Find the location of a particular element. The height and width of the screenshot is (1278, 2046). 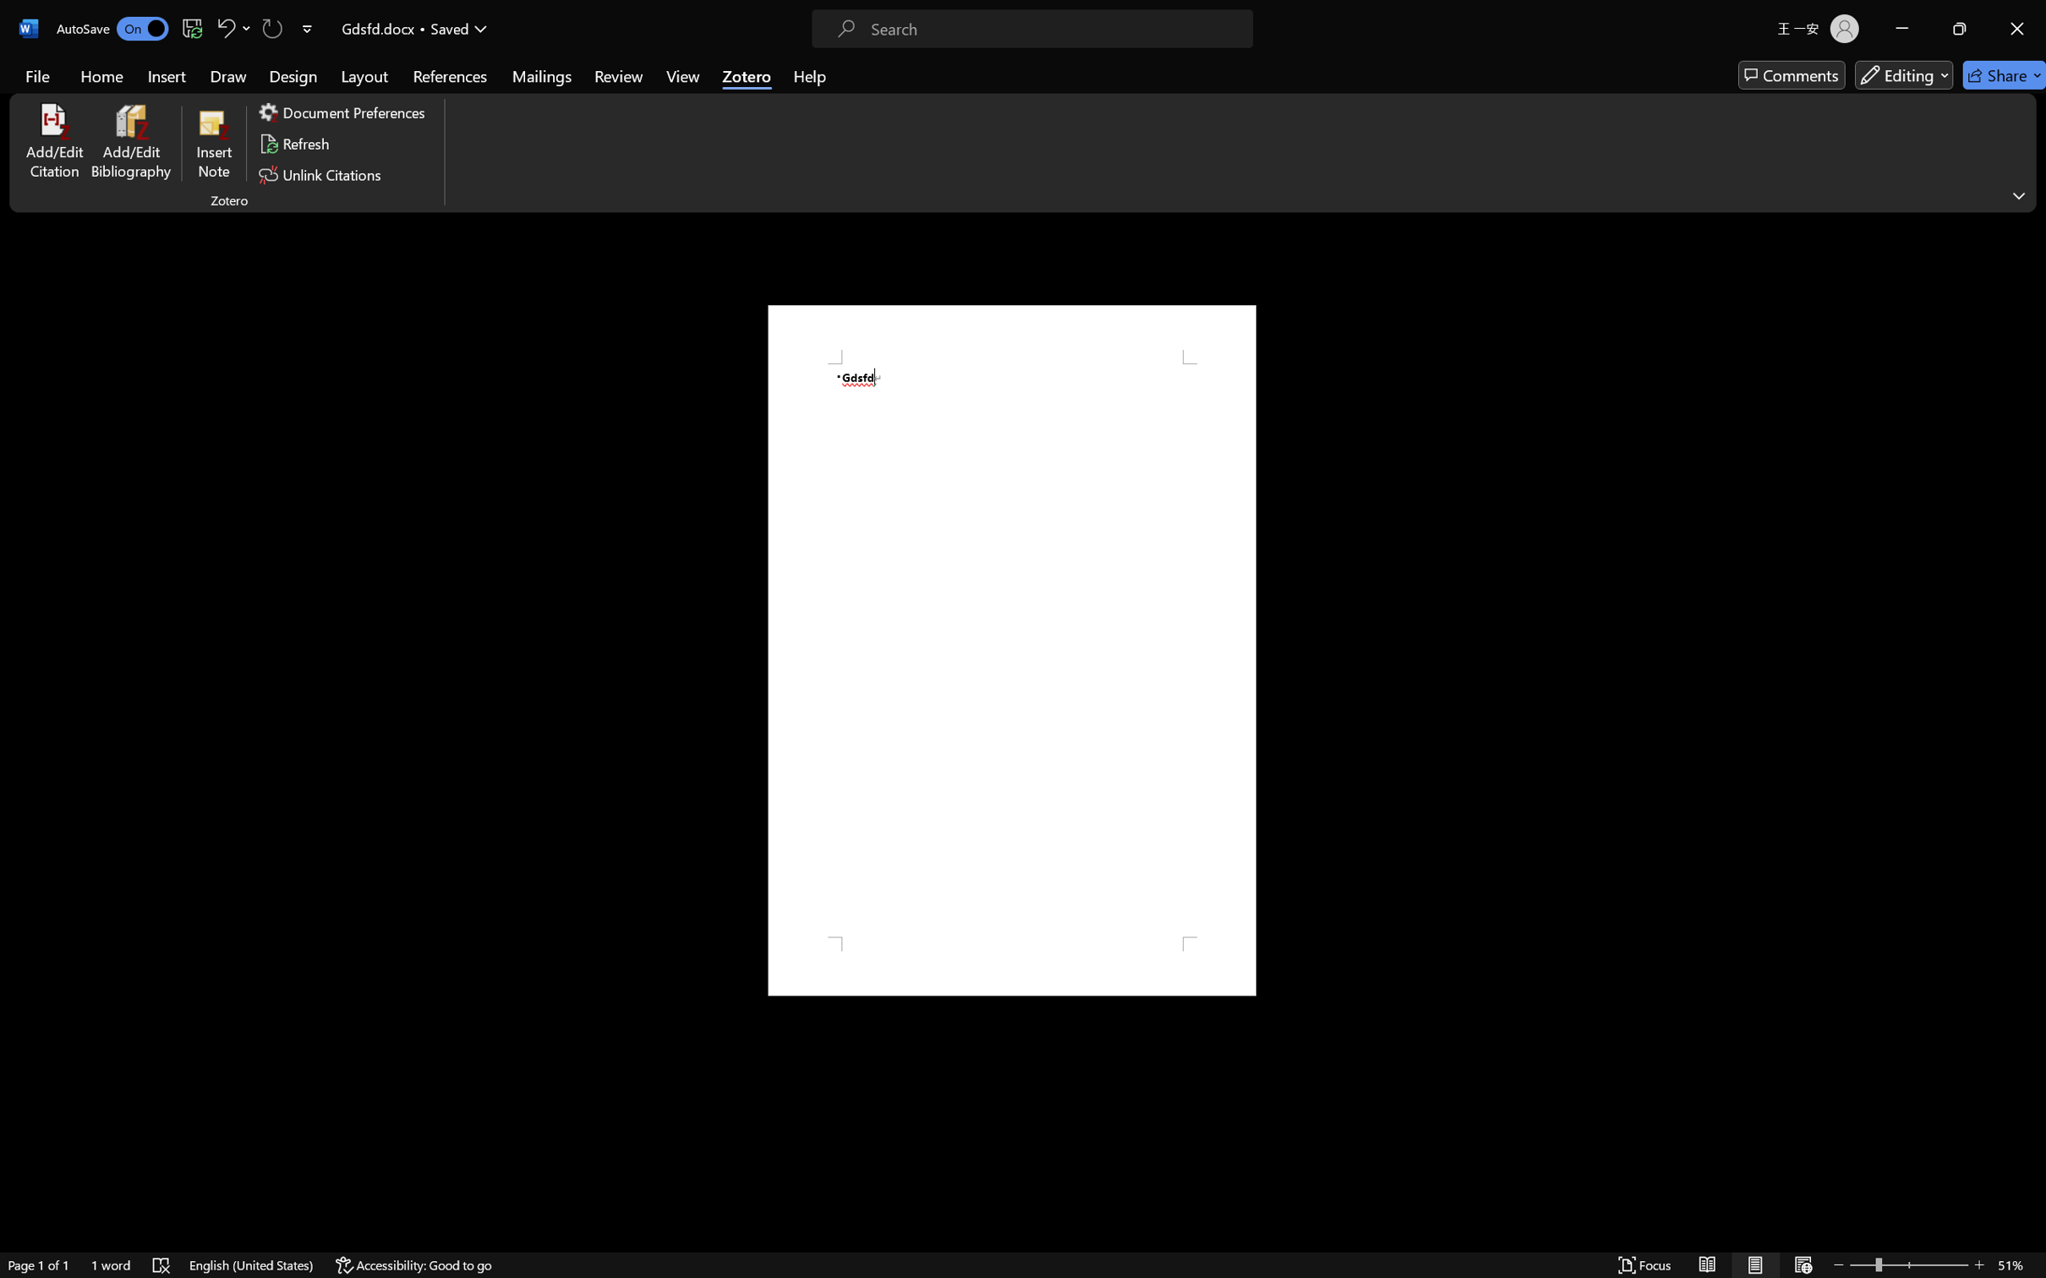

'Page 1 content' is located at coordinates (1011, 650).